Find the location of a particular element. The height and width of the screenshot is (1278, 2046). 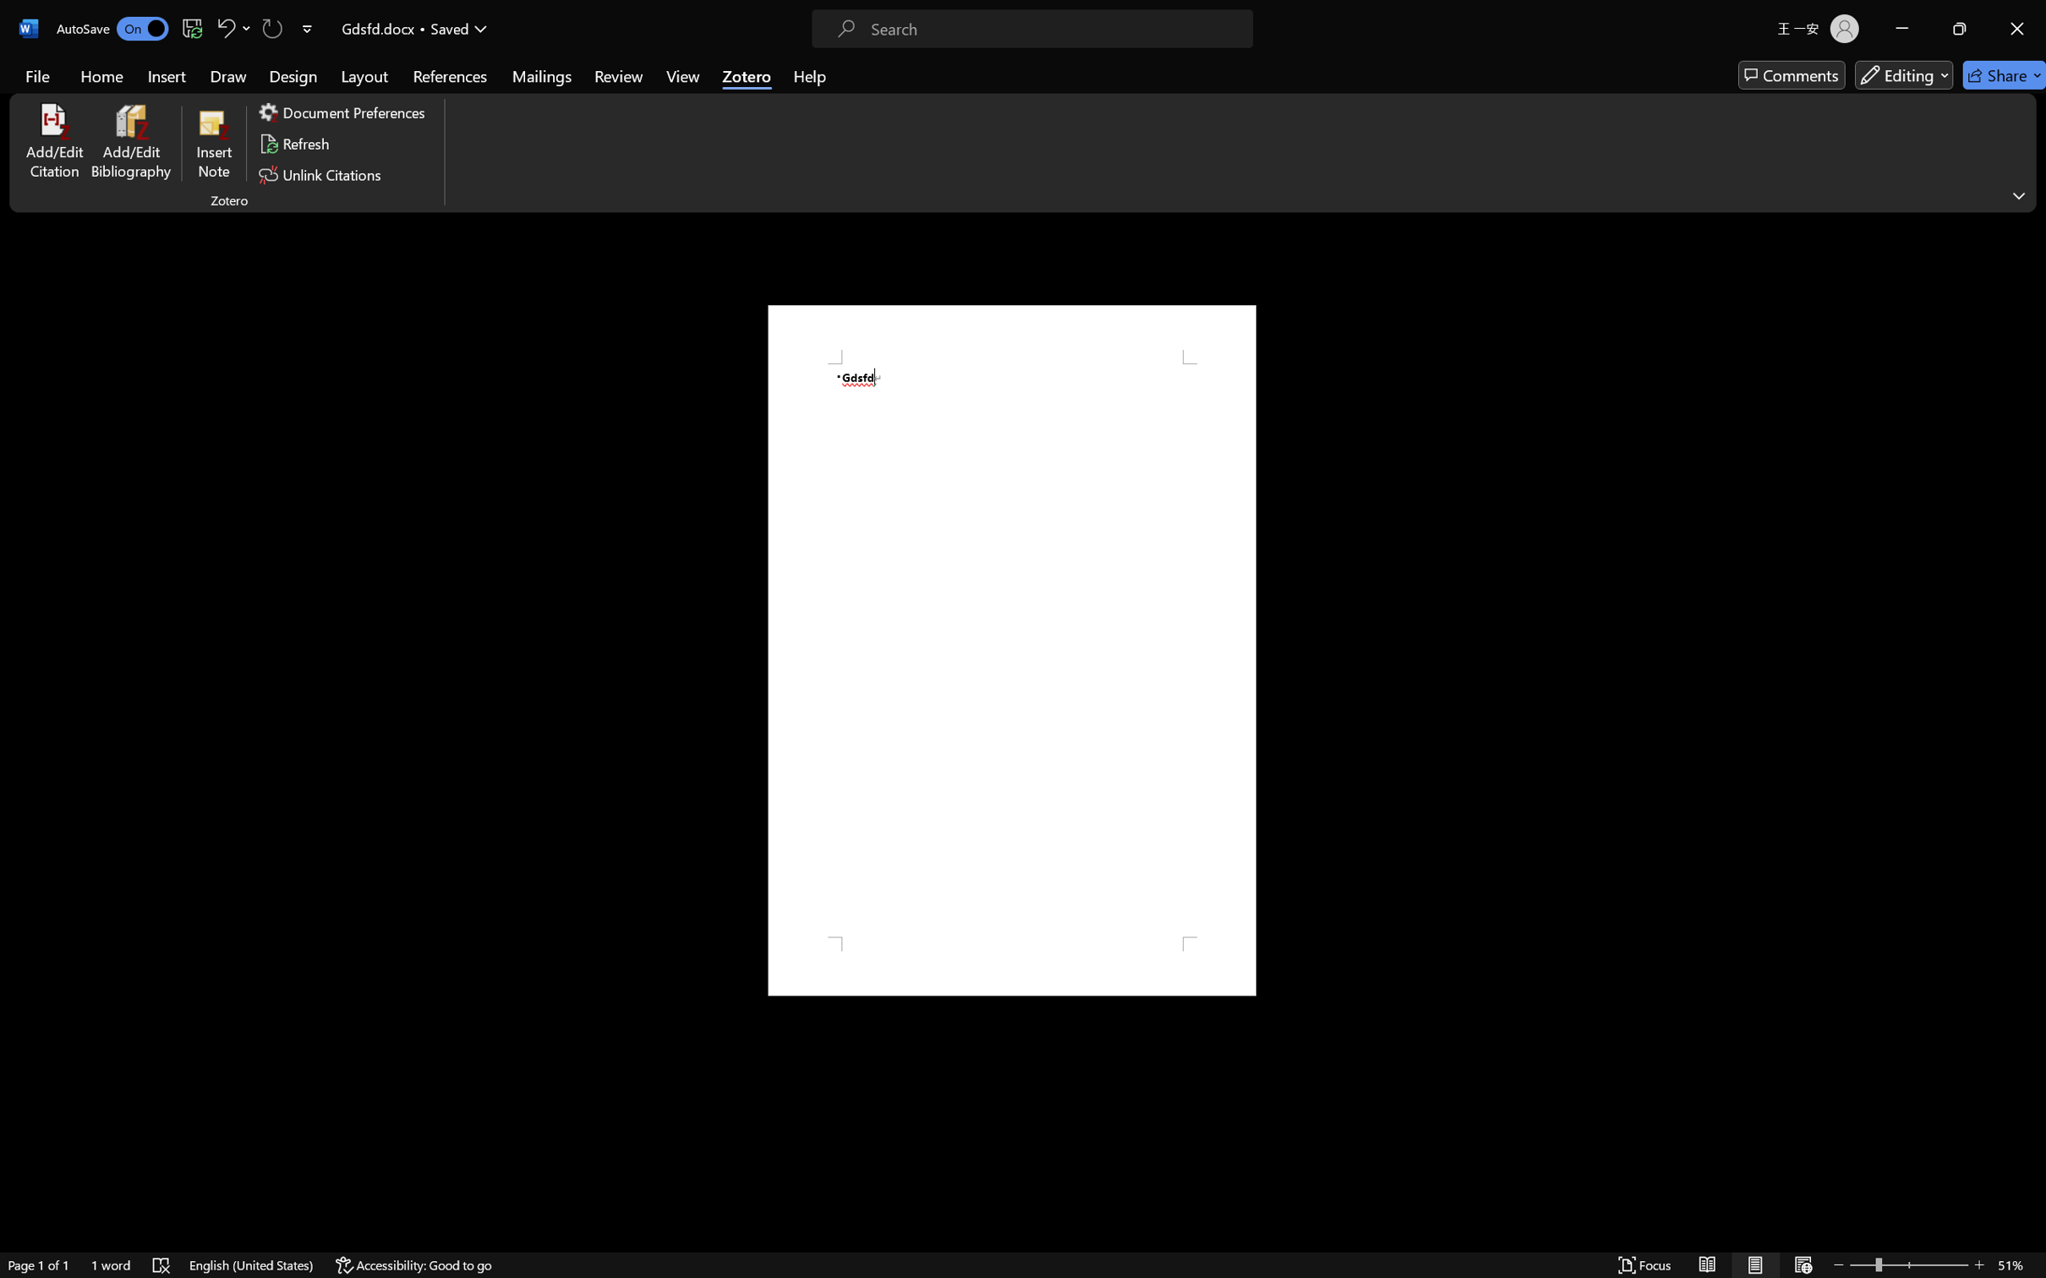

'Page 1 content' is located at coordinates (1011, 650).